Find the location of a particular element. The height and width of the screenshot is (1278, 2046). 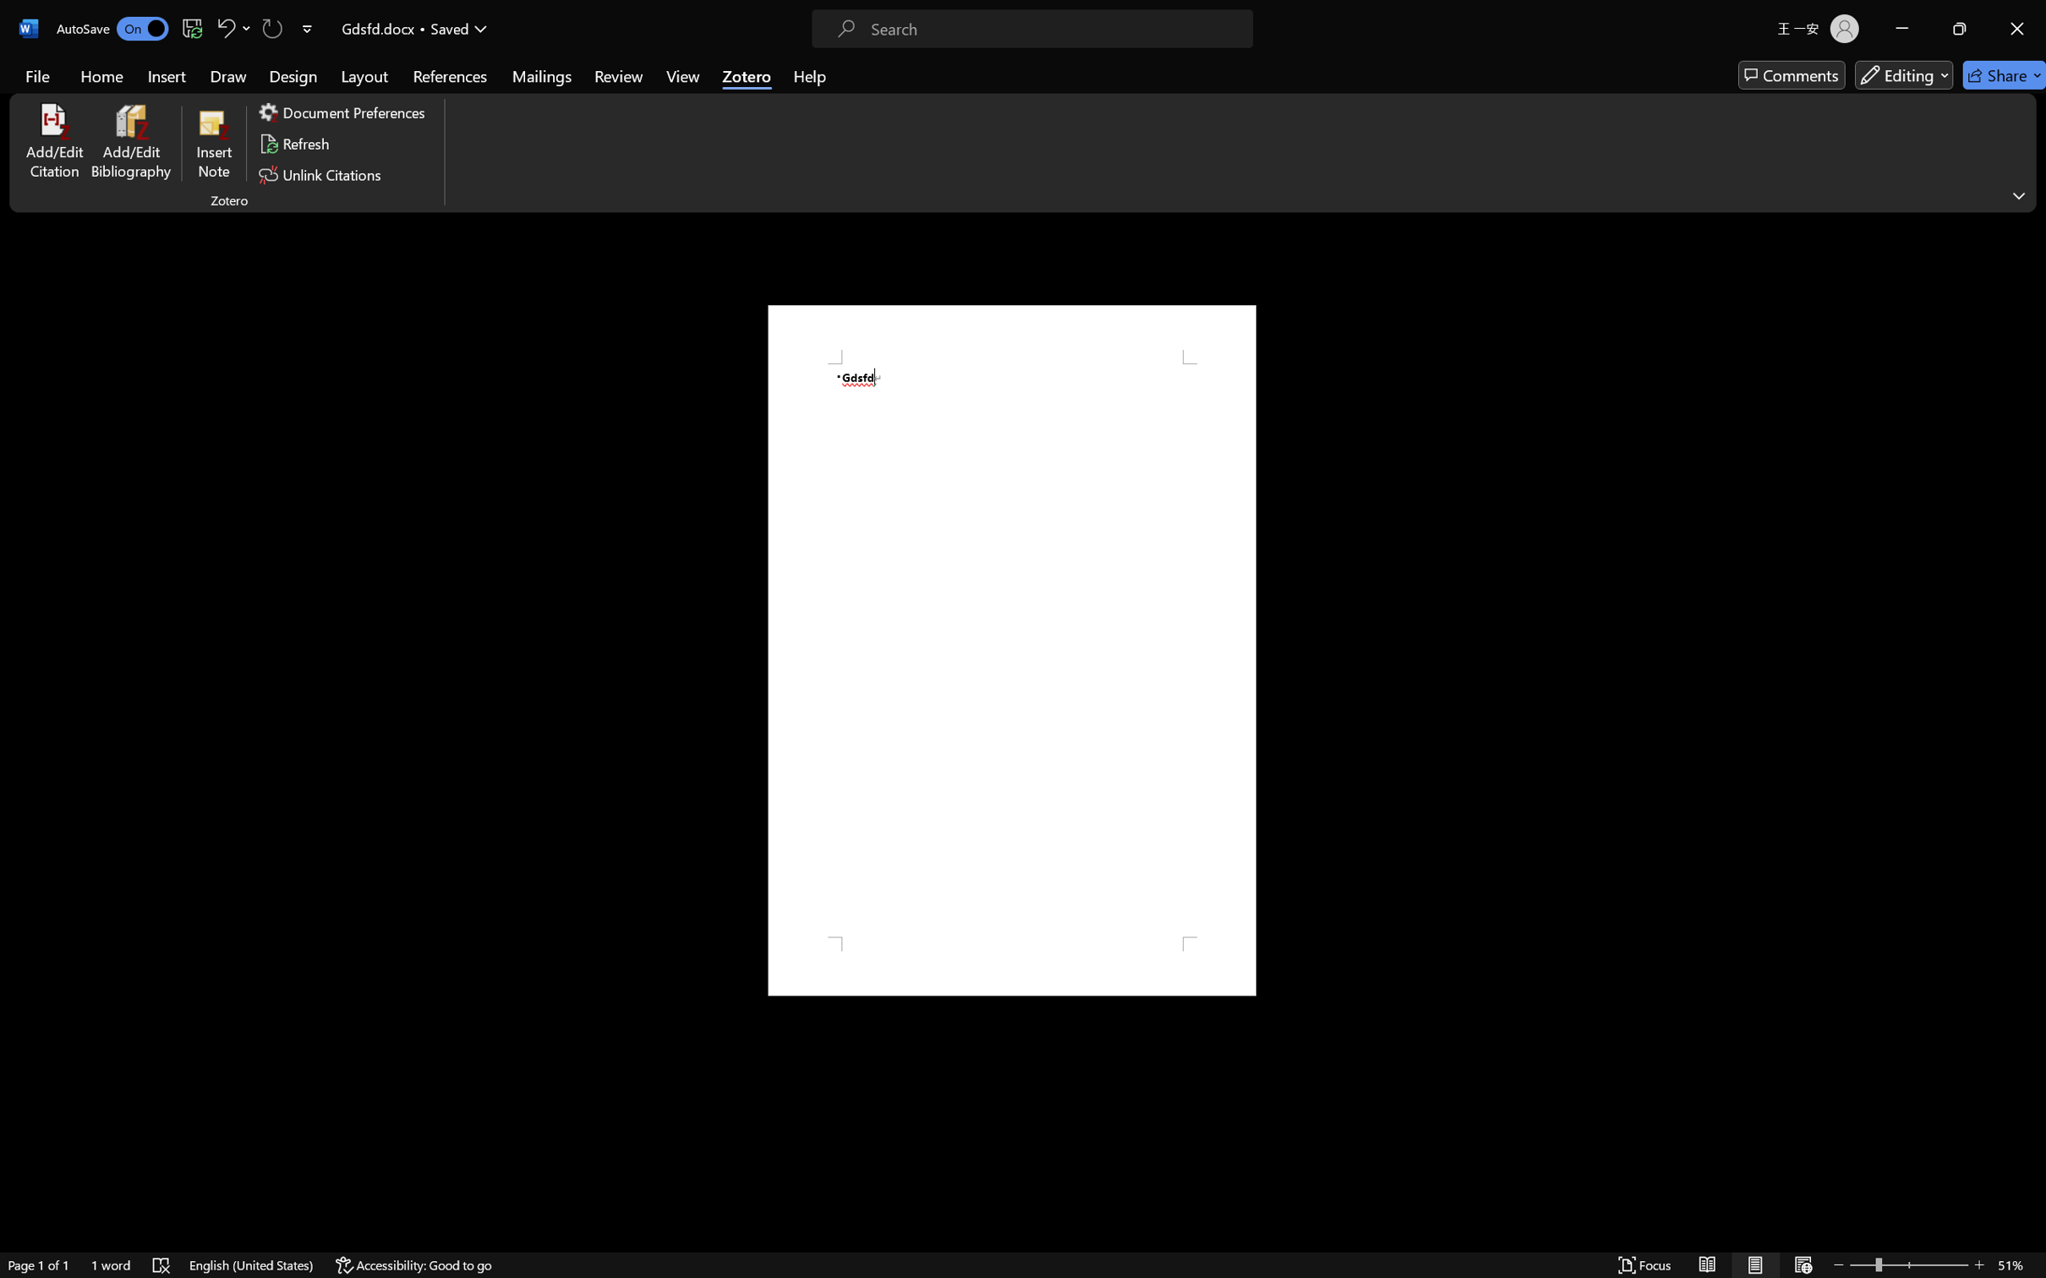

'Page 1 content' is located at coordinates (1011, 650).